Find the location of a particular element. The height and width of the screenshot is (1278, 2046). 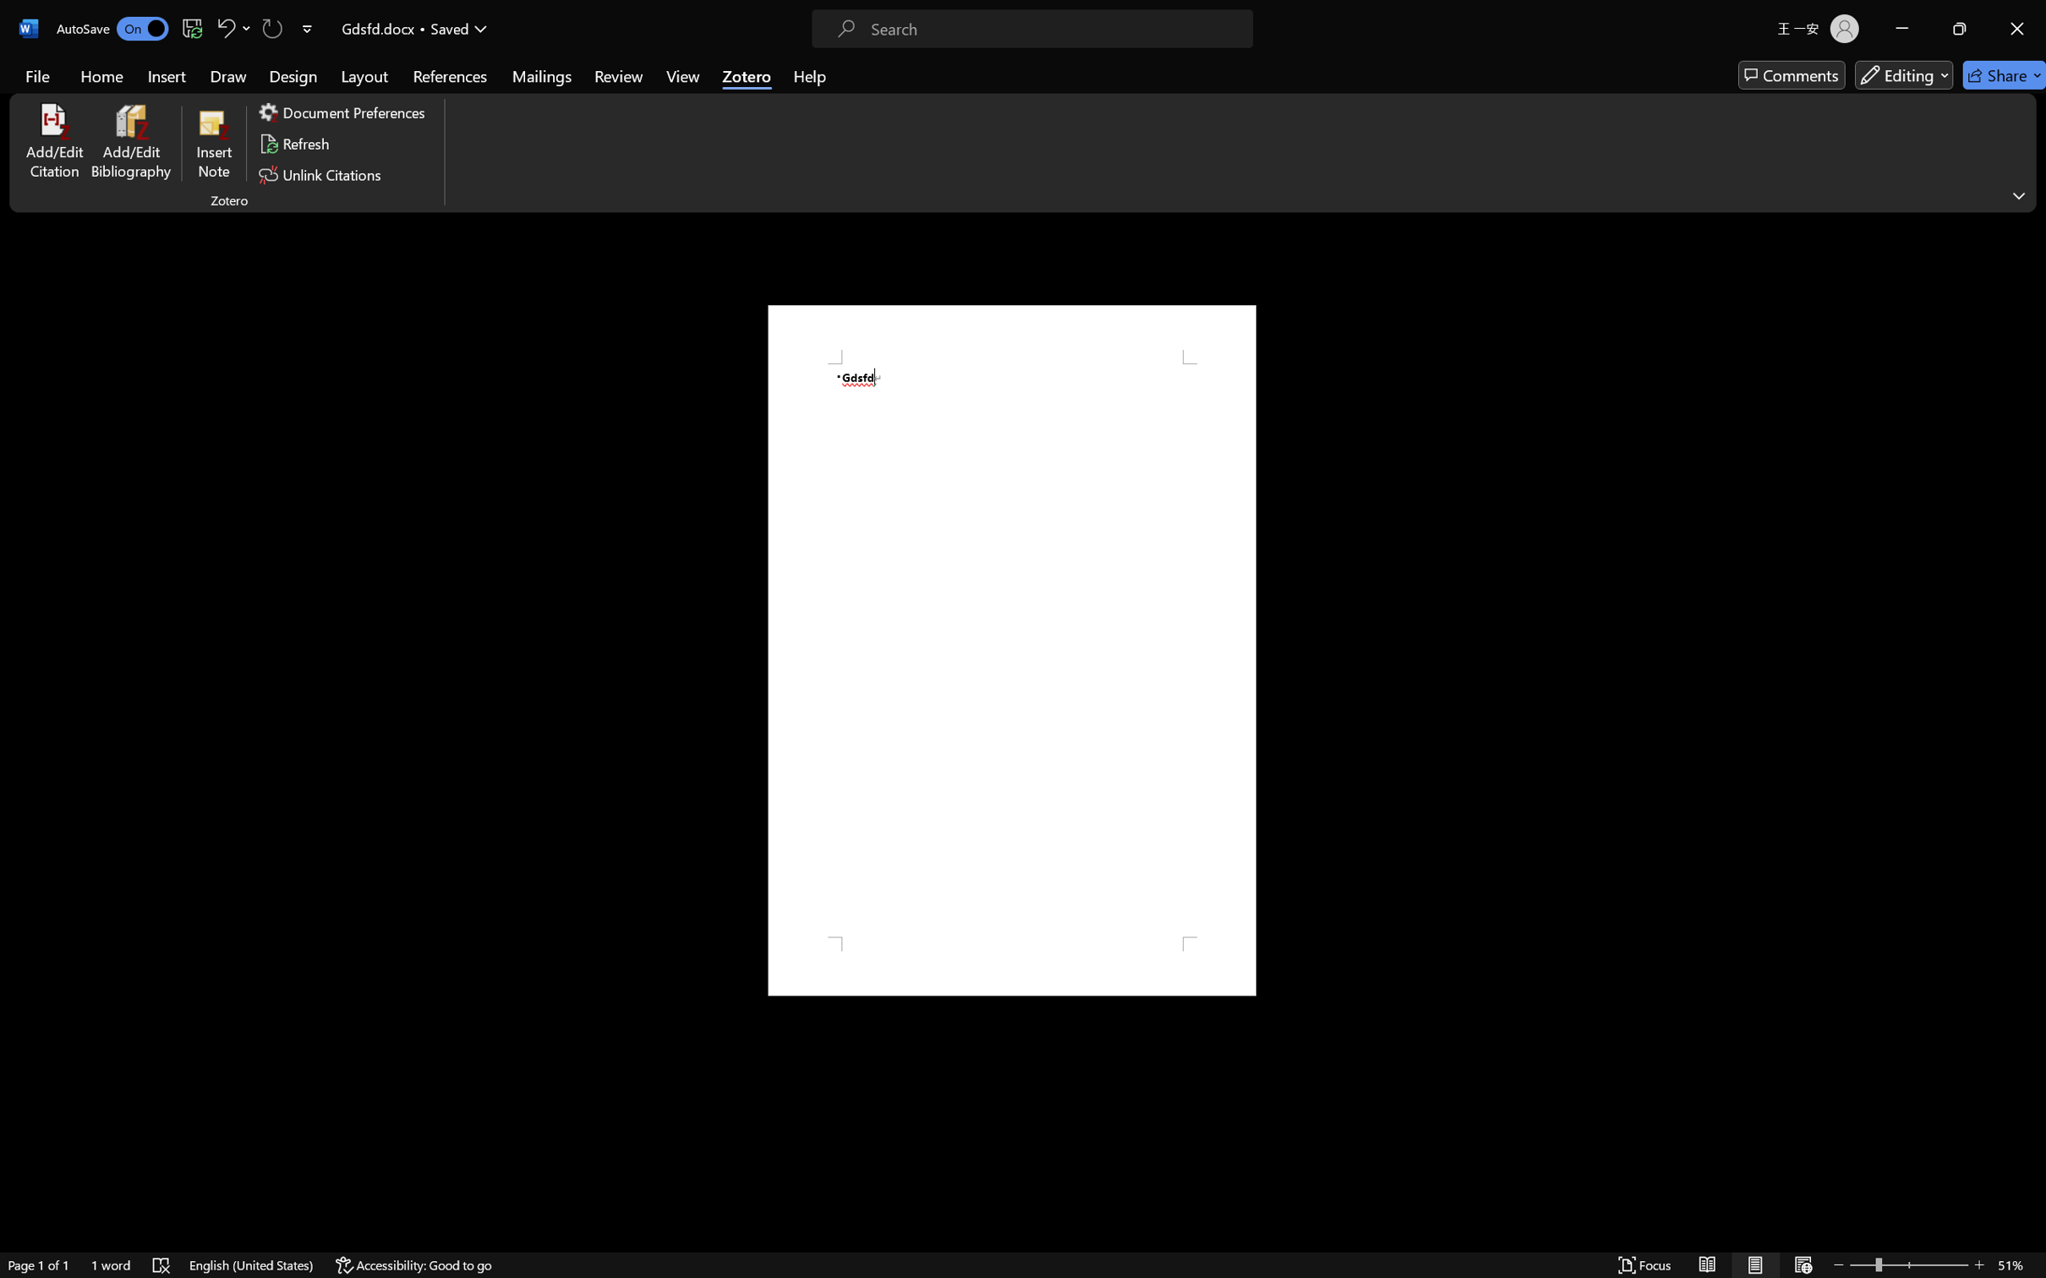

'Page 1 content' is located at coordinates (1011, 650).